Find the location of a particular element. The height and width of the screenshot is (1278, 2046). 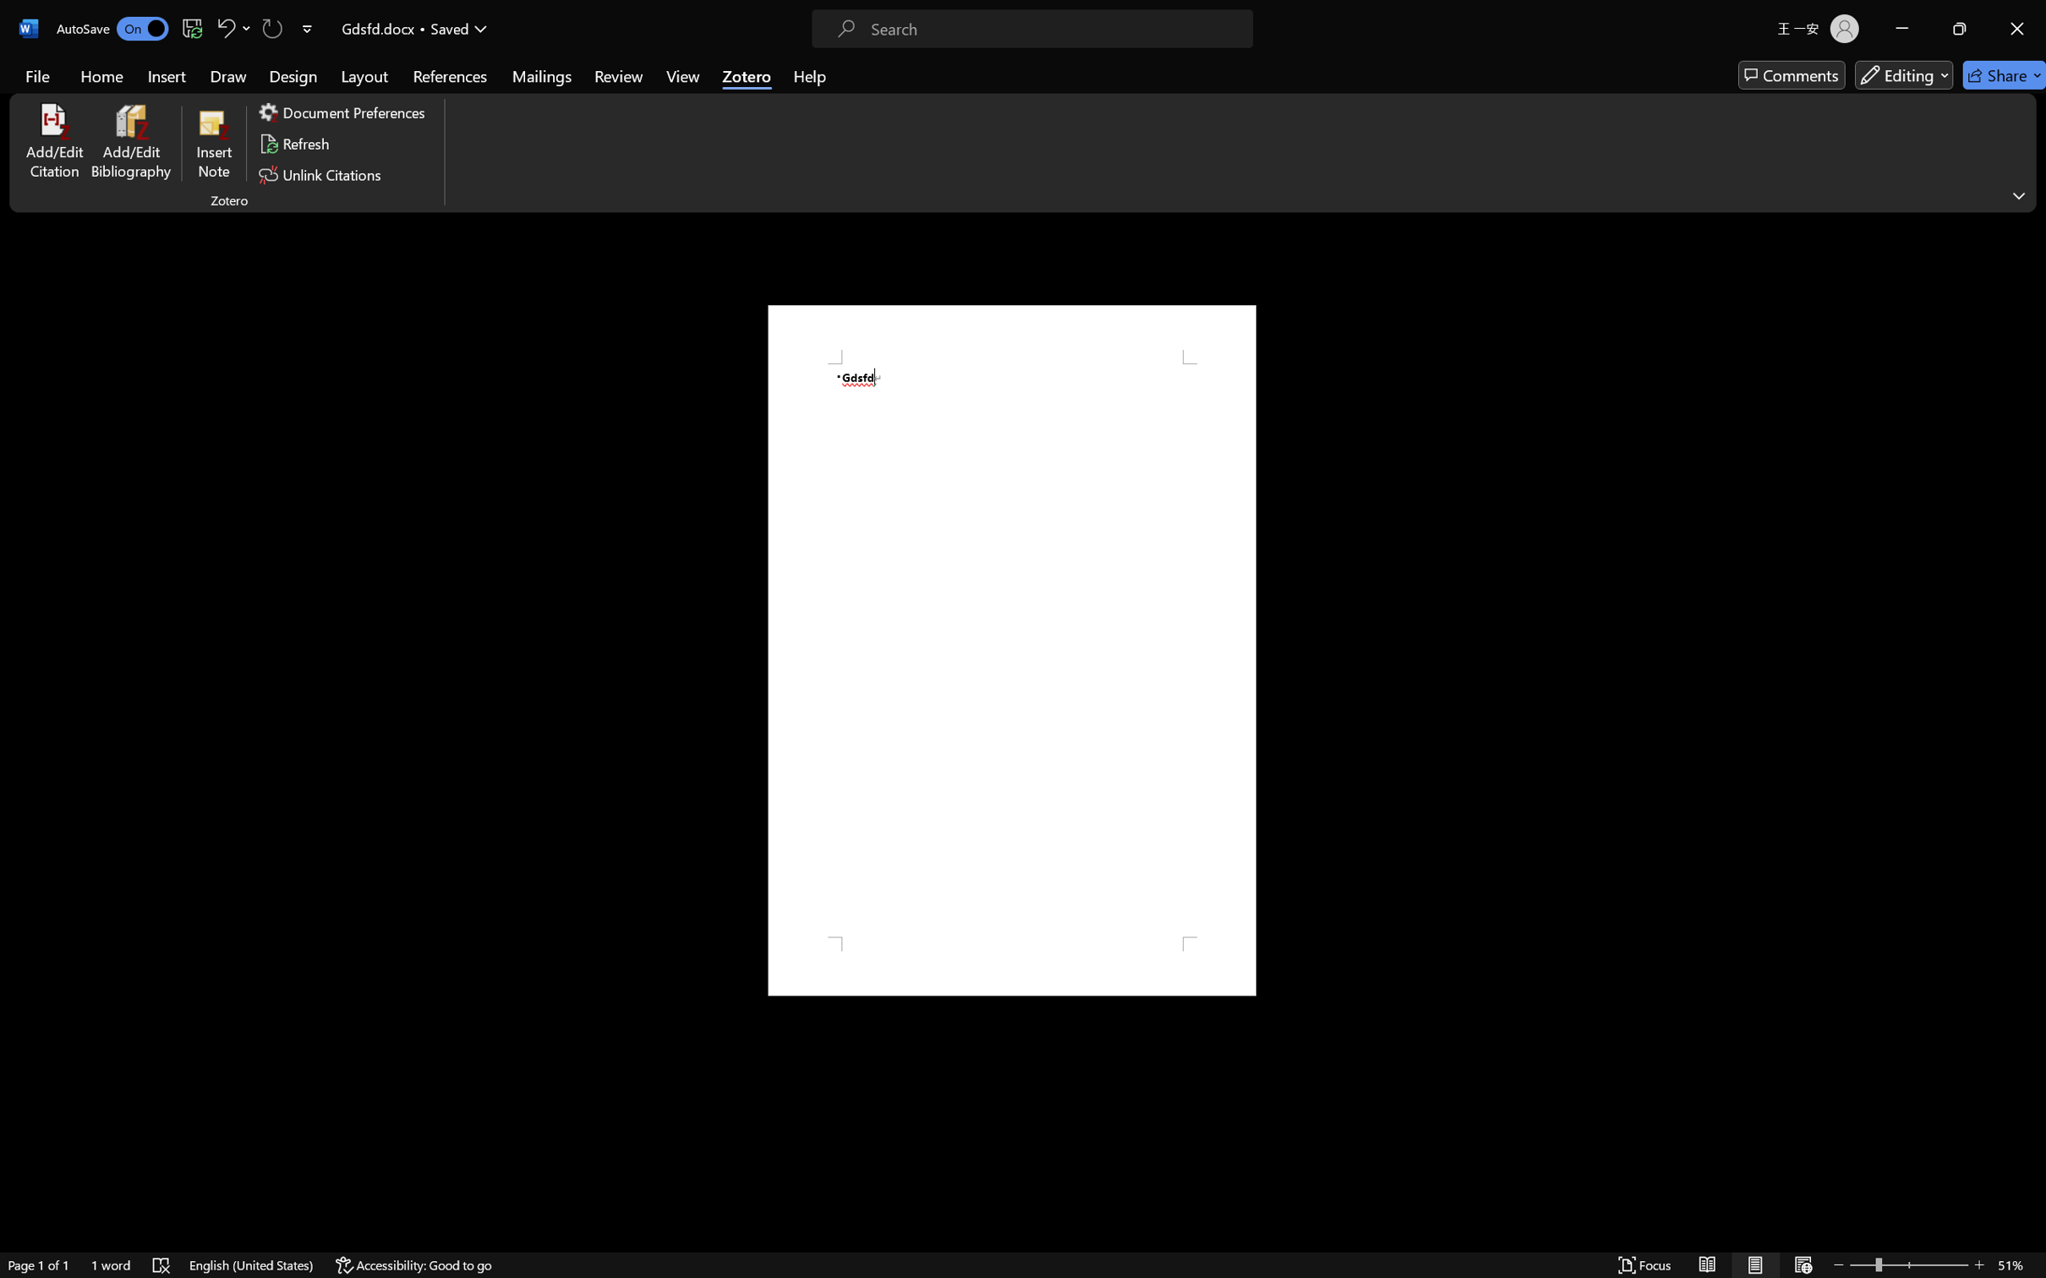

'Page 1 content' is located at coordinates (1011, 650).